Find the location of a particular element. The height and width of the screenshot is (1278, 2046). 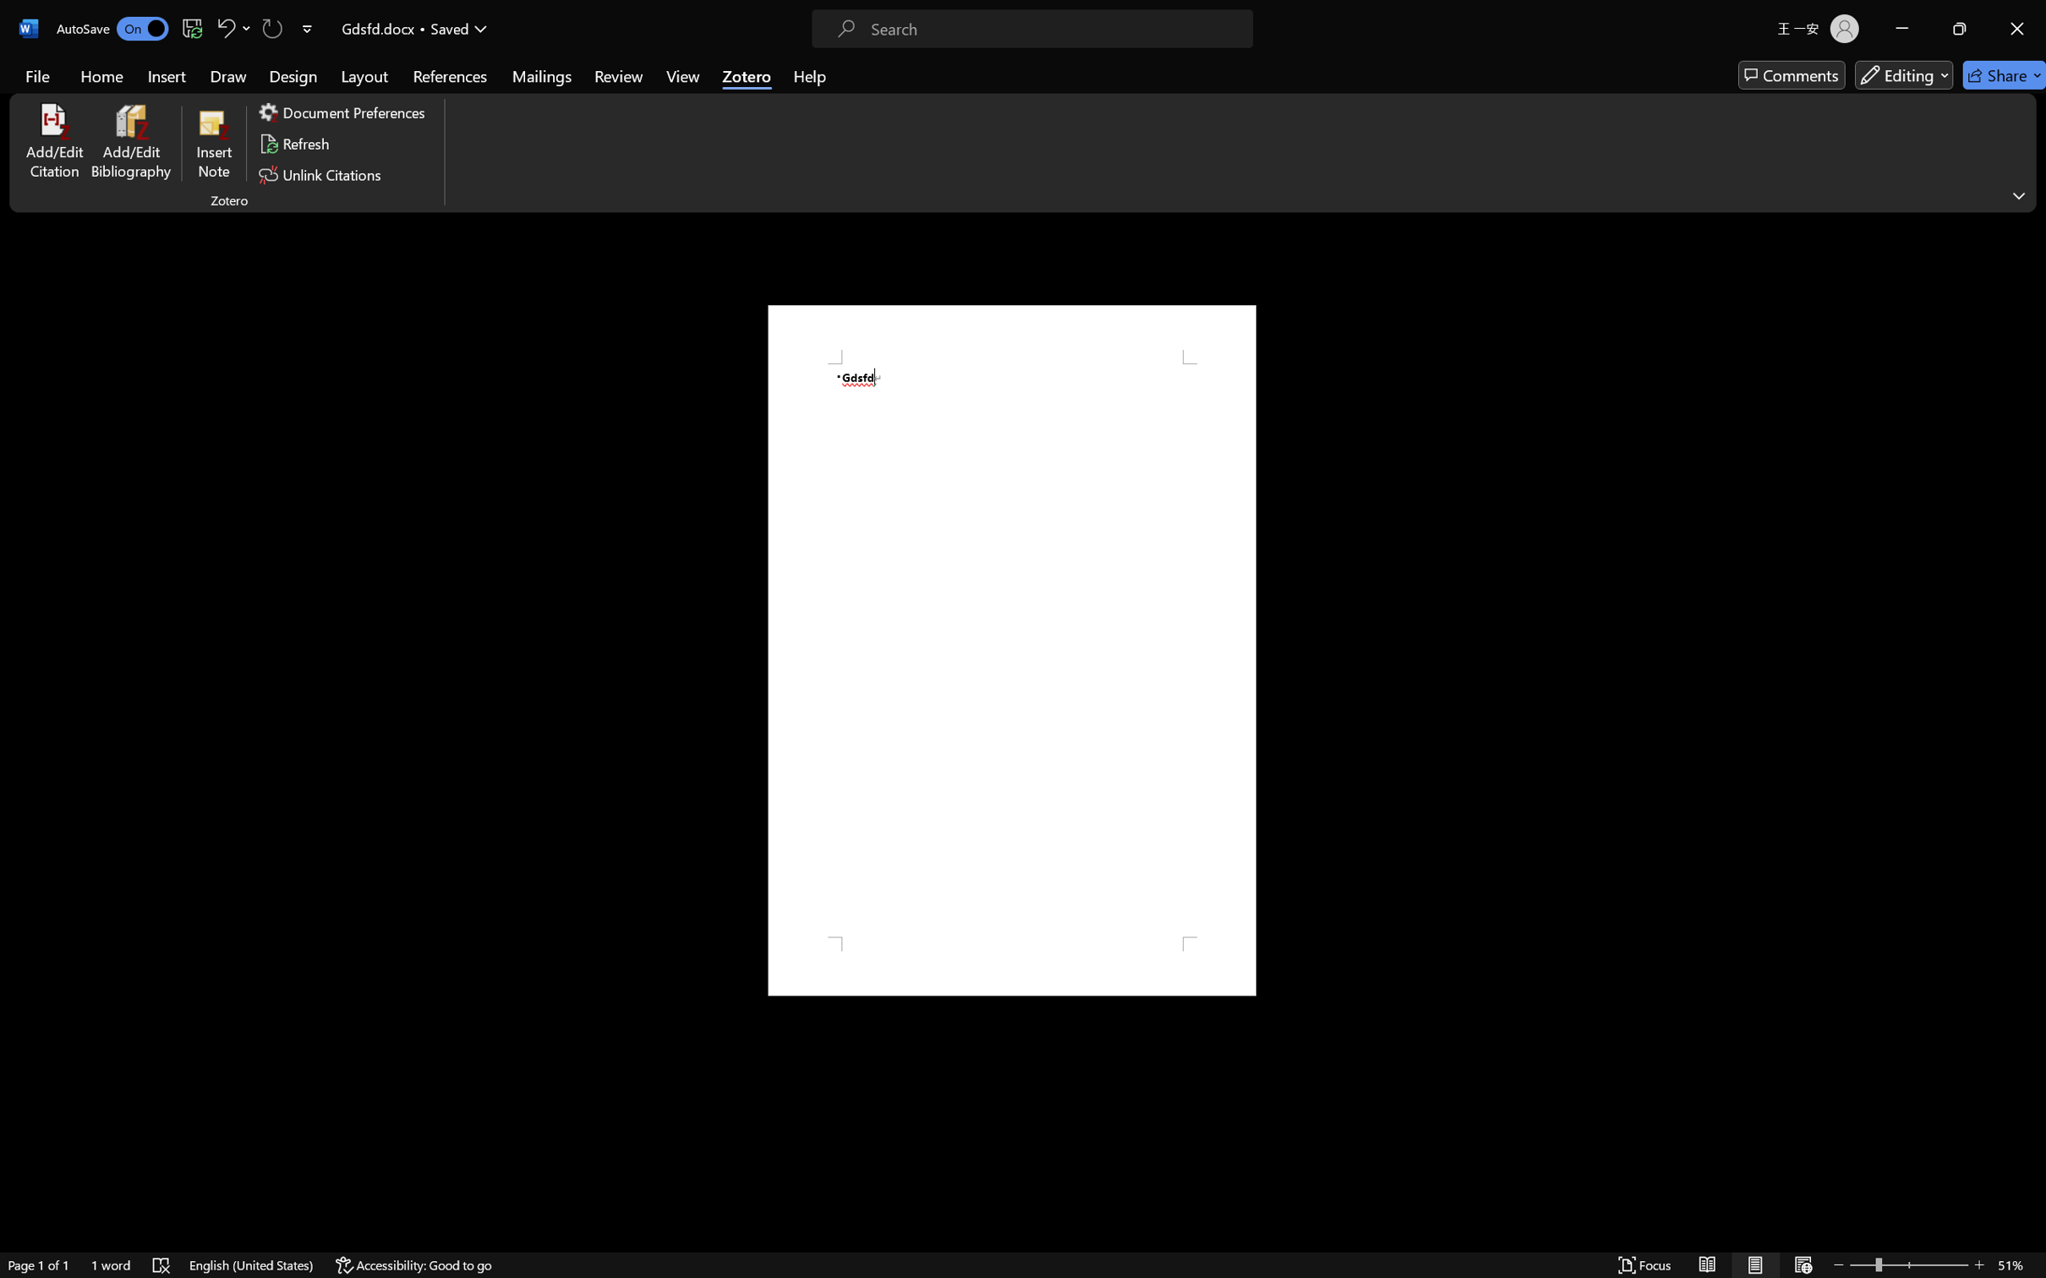

'Page 1 content' is located at coordinates (1011, 650).